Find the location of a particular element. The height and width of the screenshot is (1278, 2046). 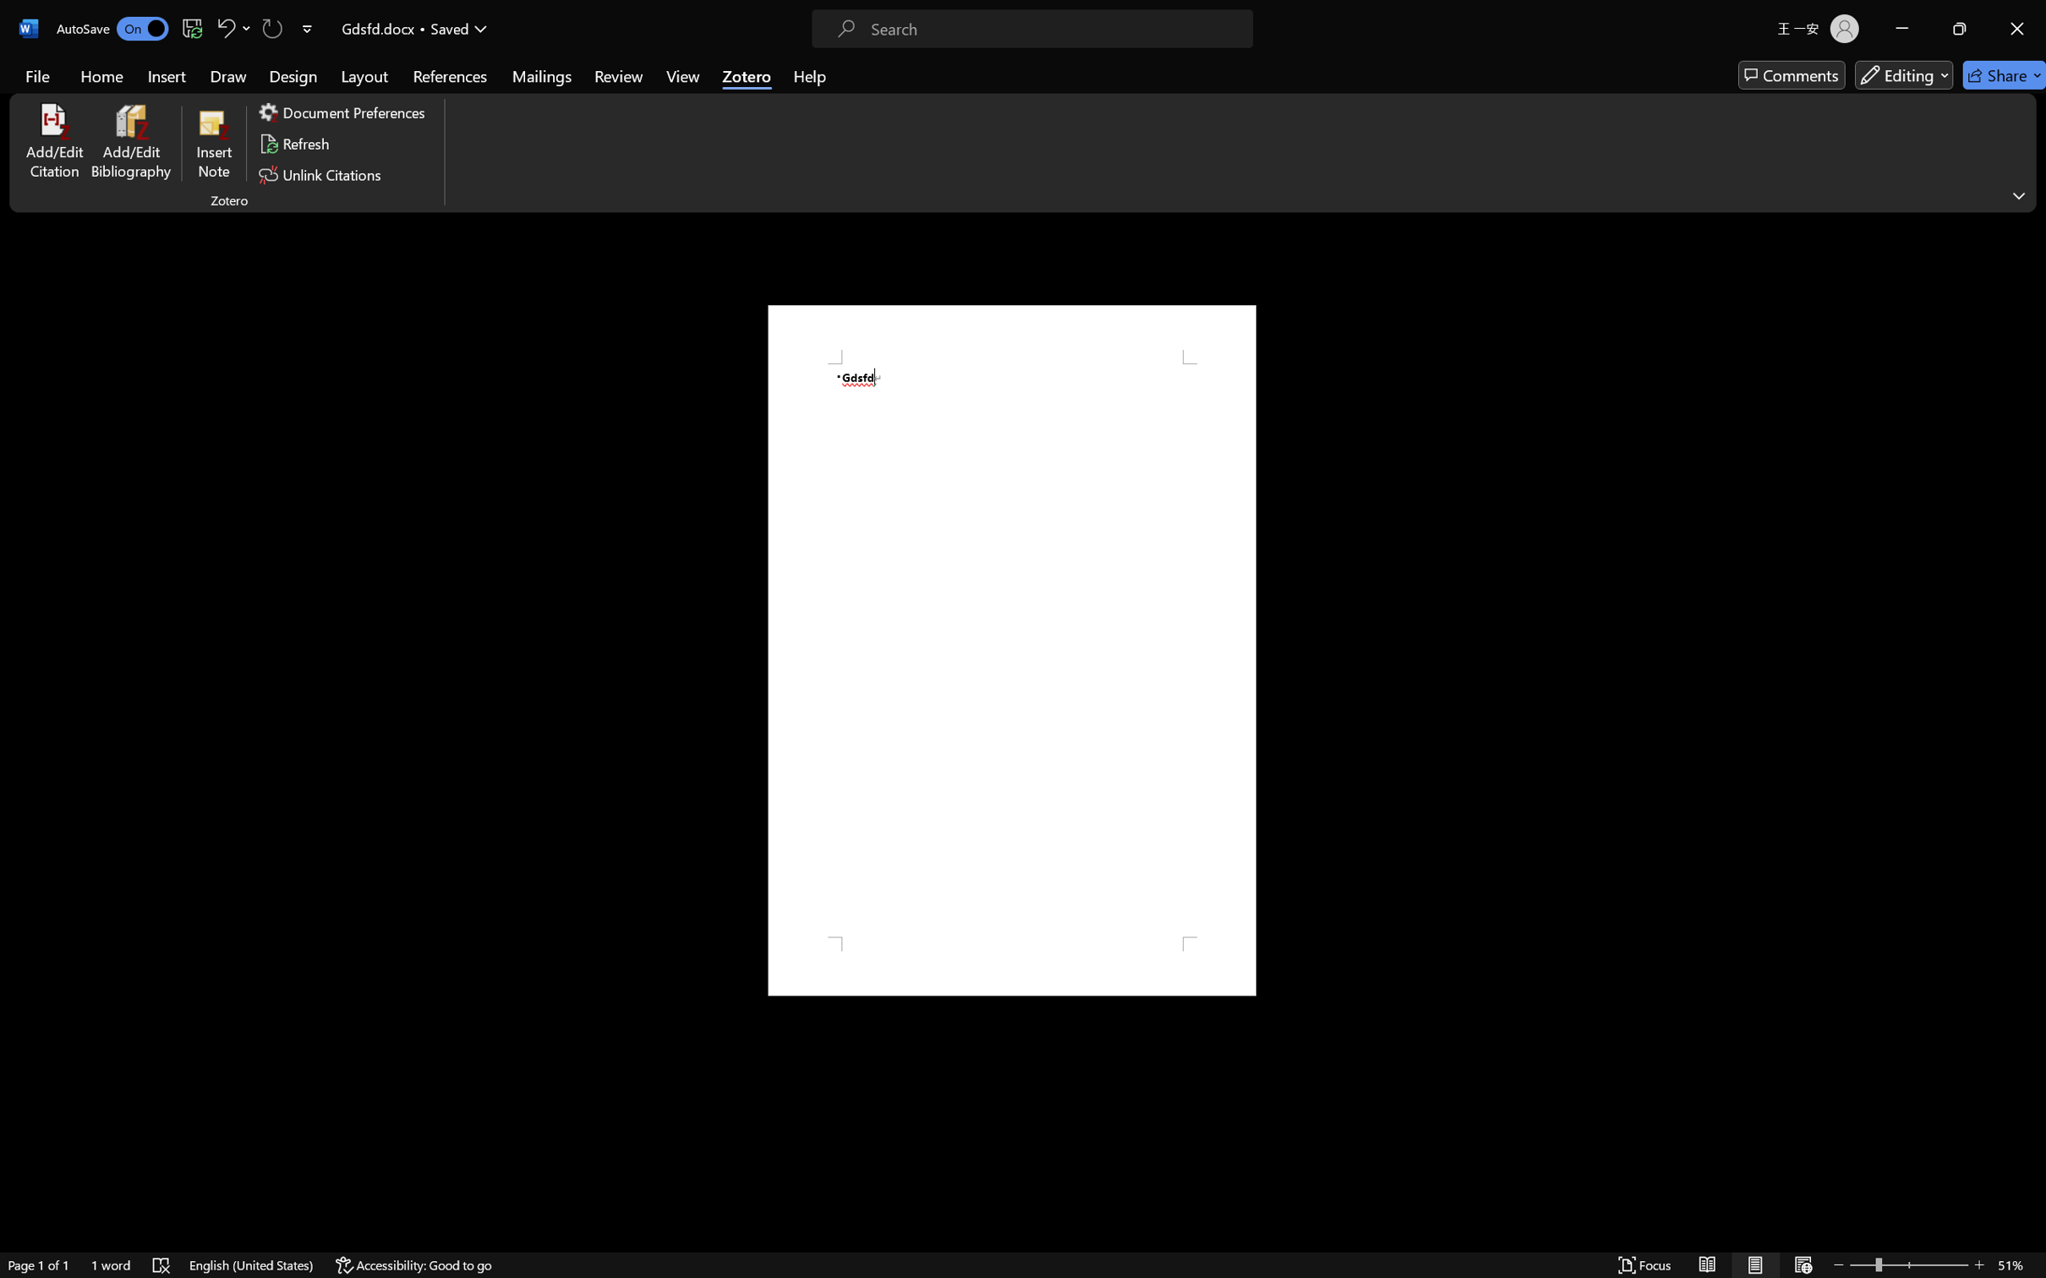

'Page 1 content' is located at coordinates (1011, 650).